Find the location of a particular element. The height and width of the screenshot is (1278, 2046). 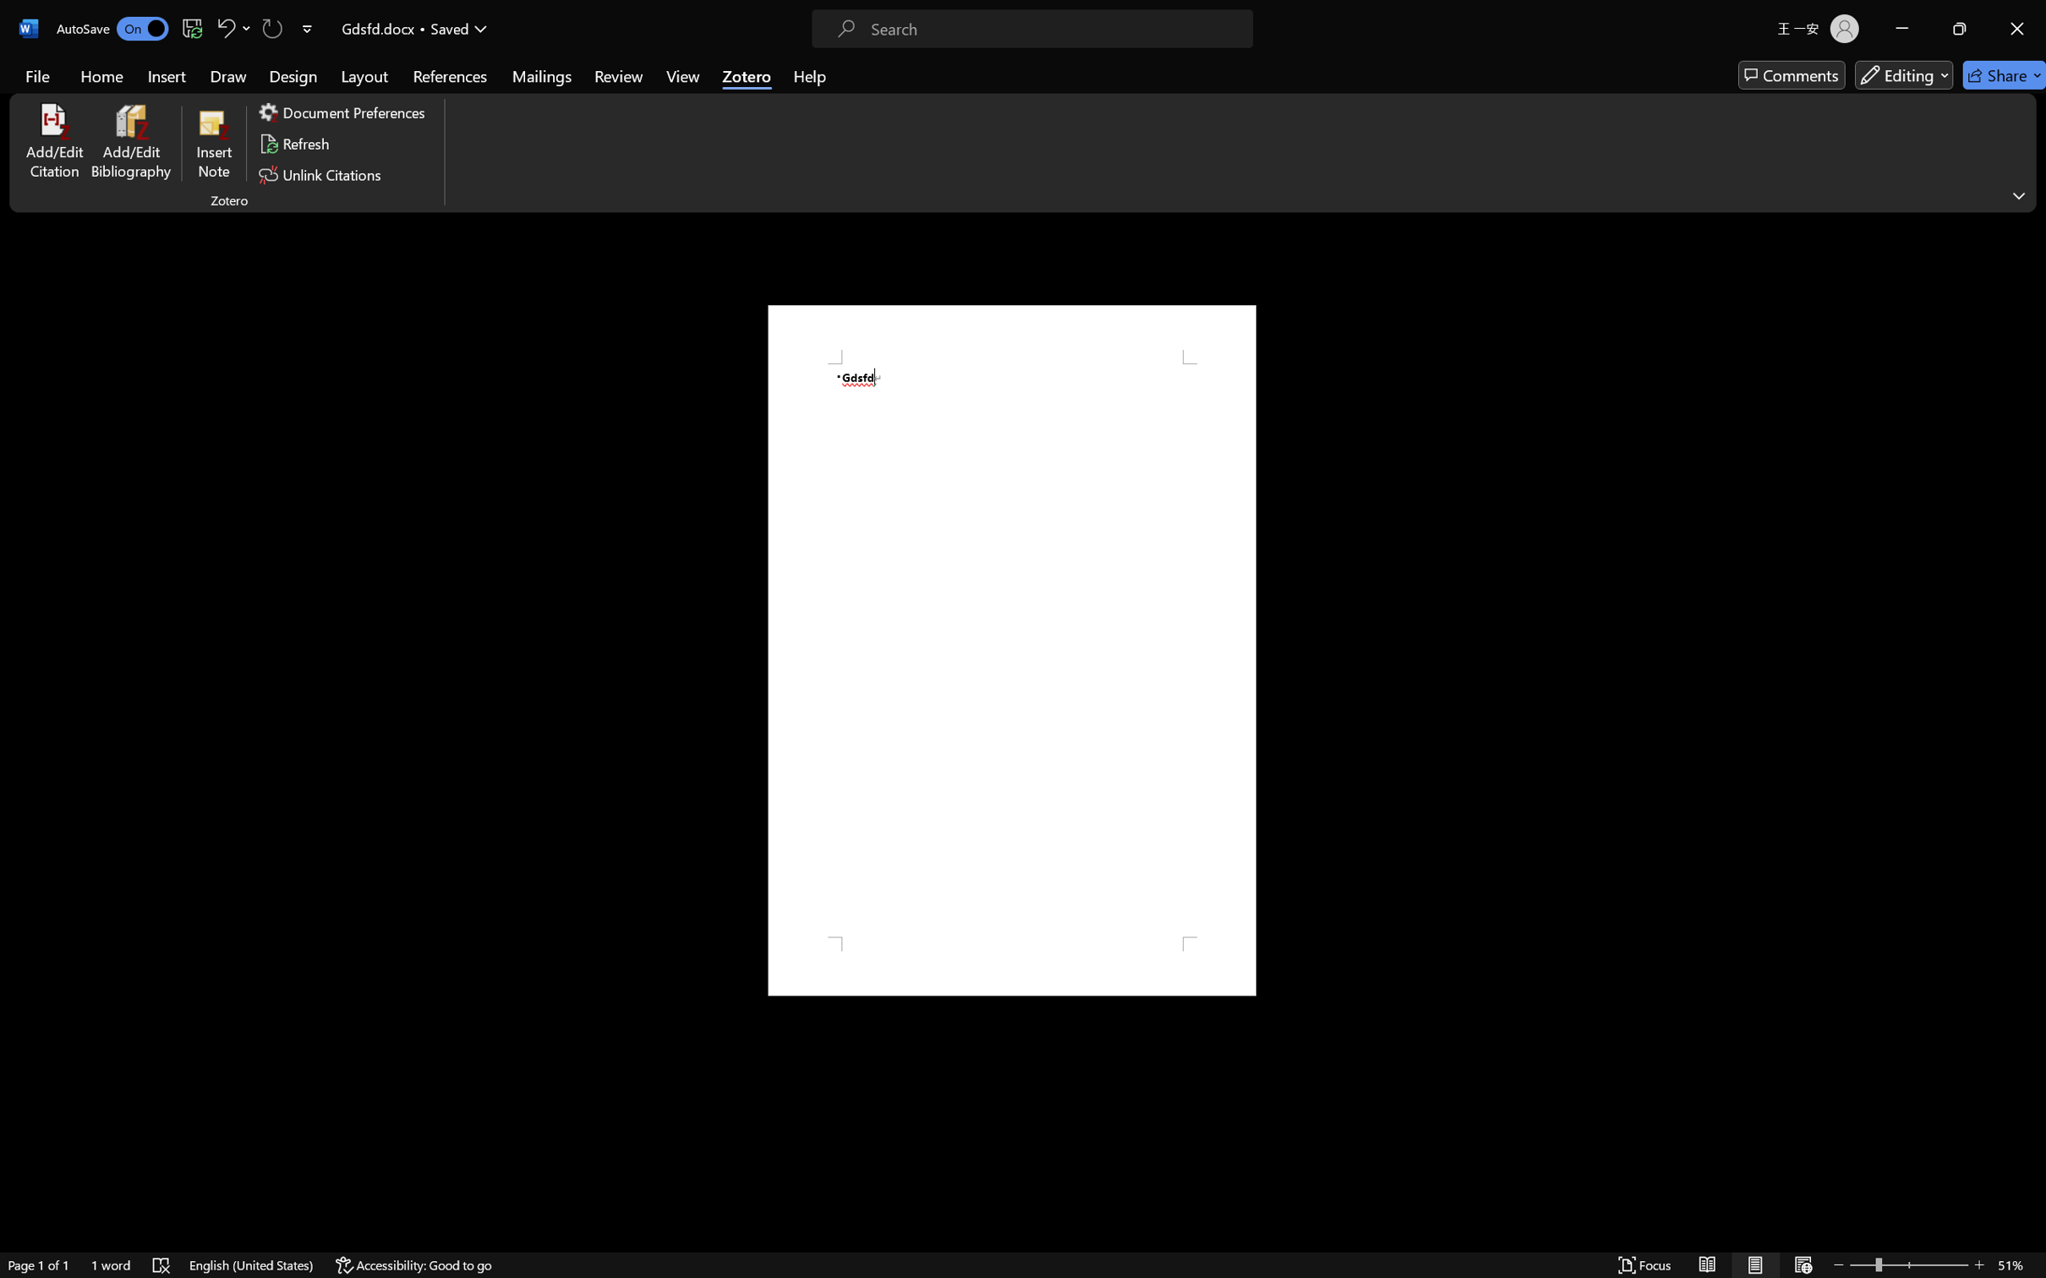

'Page 1 content' is located at coordinates (1011, 650).